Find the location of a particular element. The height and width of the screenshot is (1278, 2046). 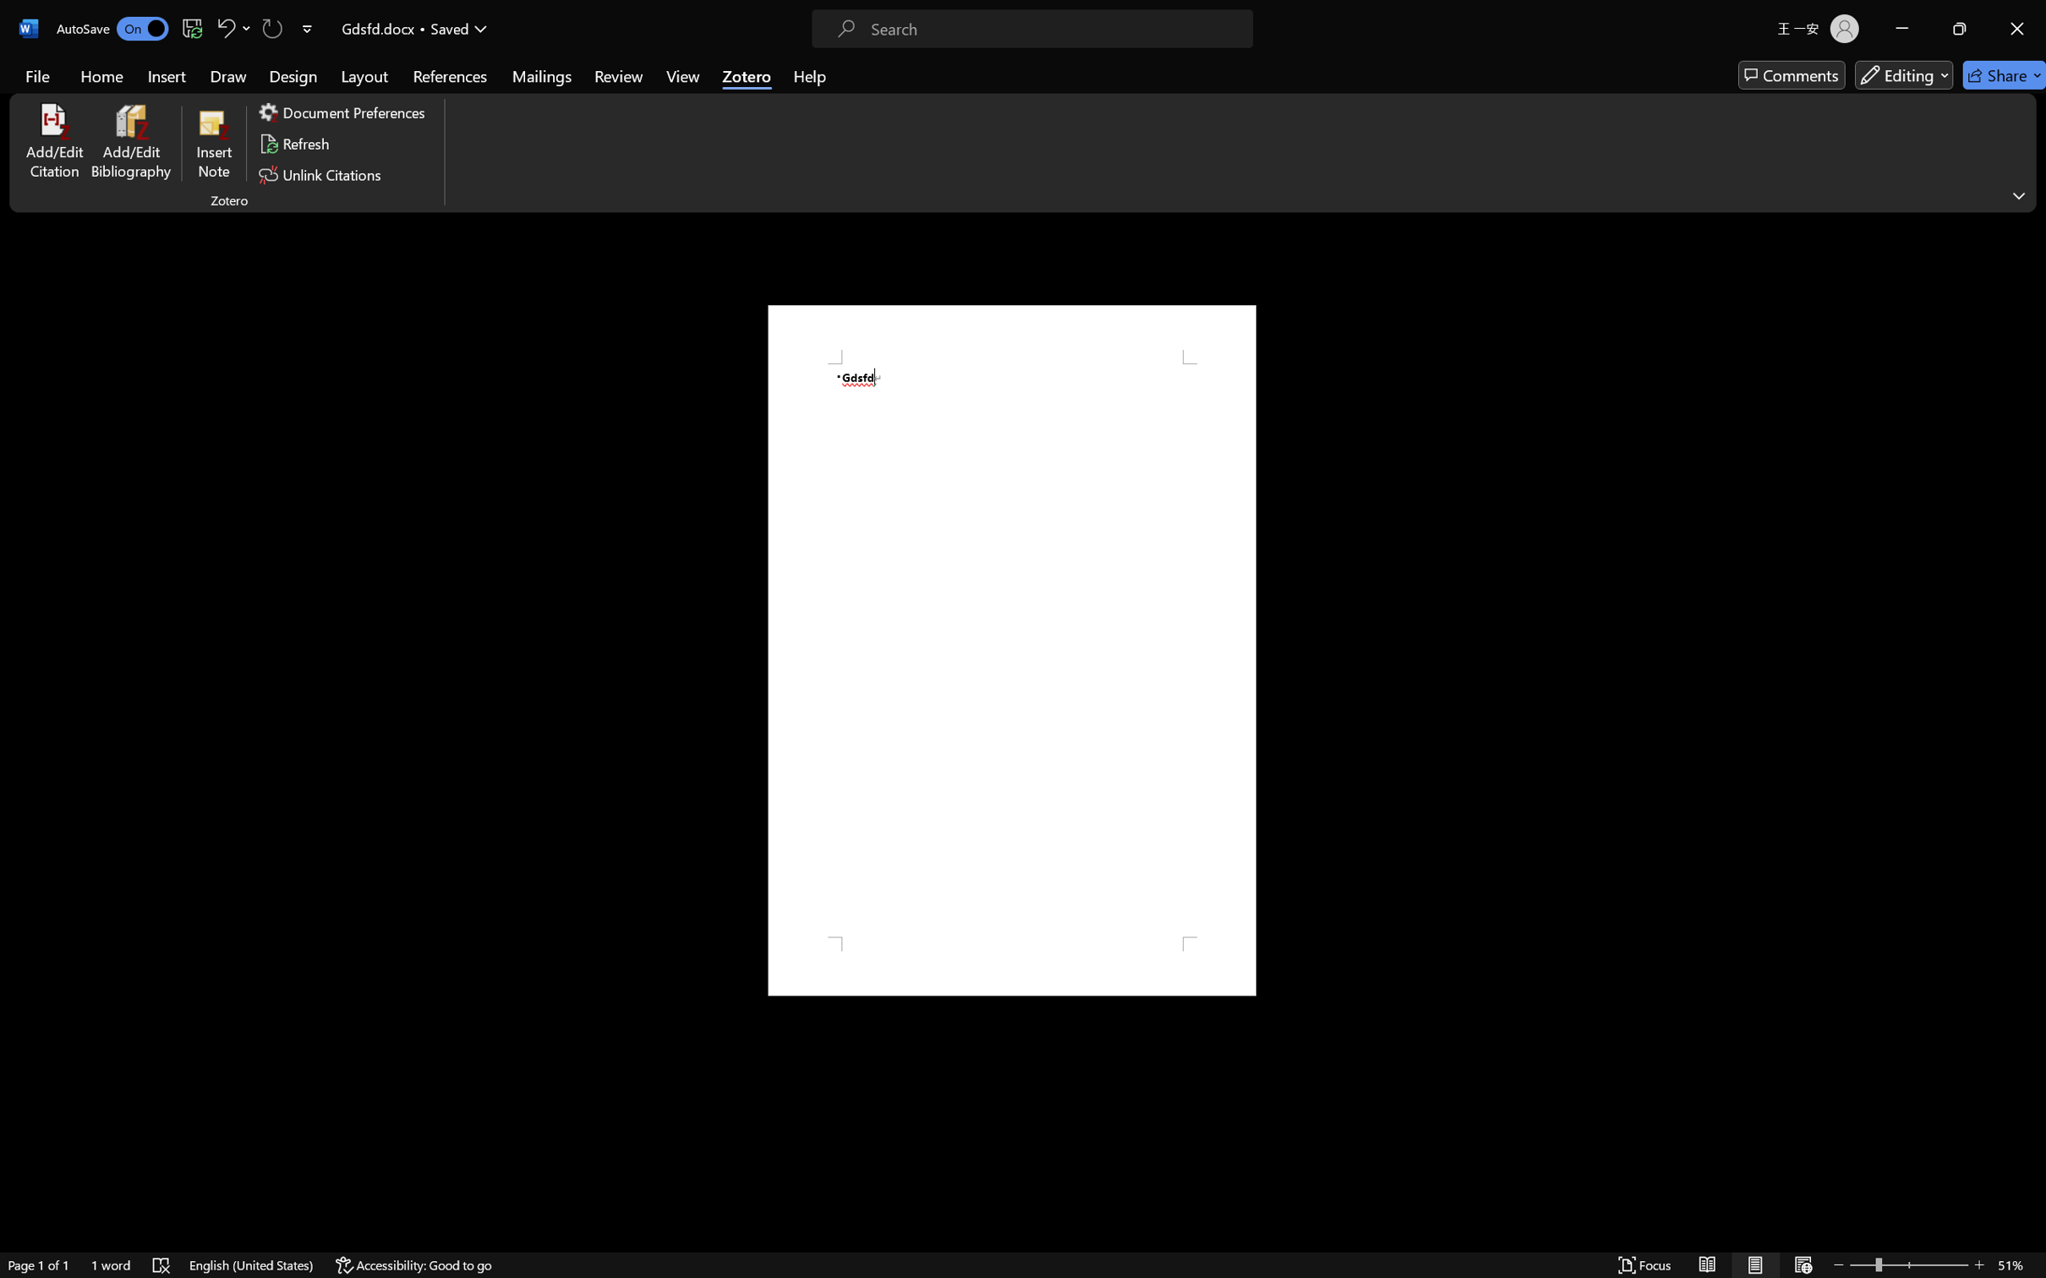

'Page 1 content' is located at coordinates (1011, 650).